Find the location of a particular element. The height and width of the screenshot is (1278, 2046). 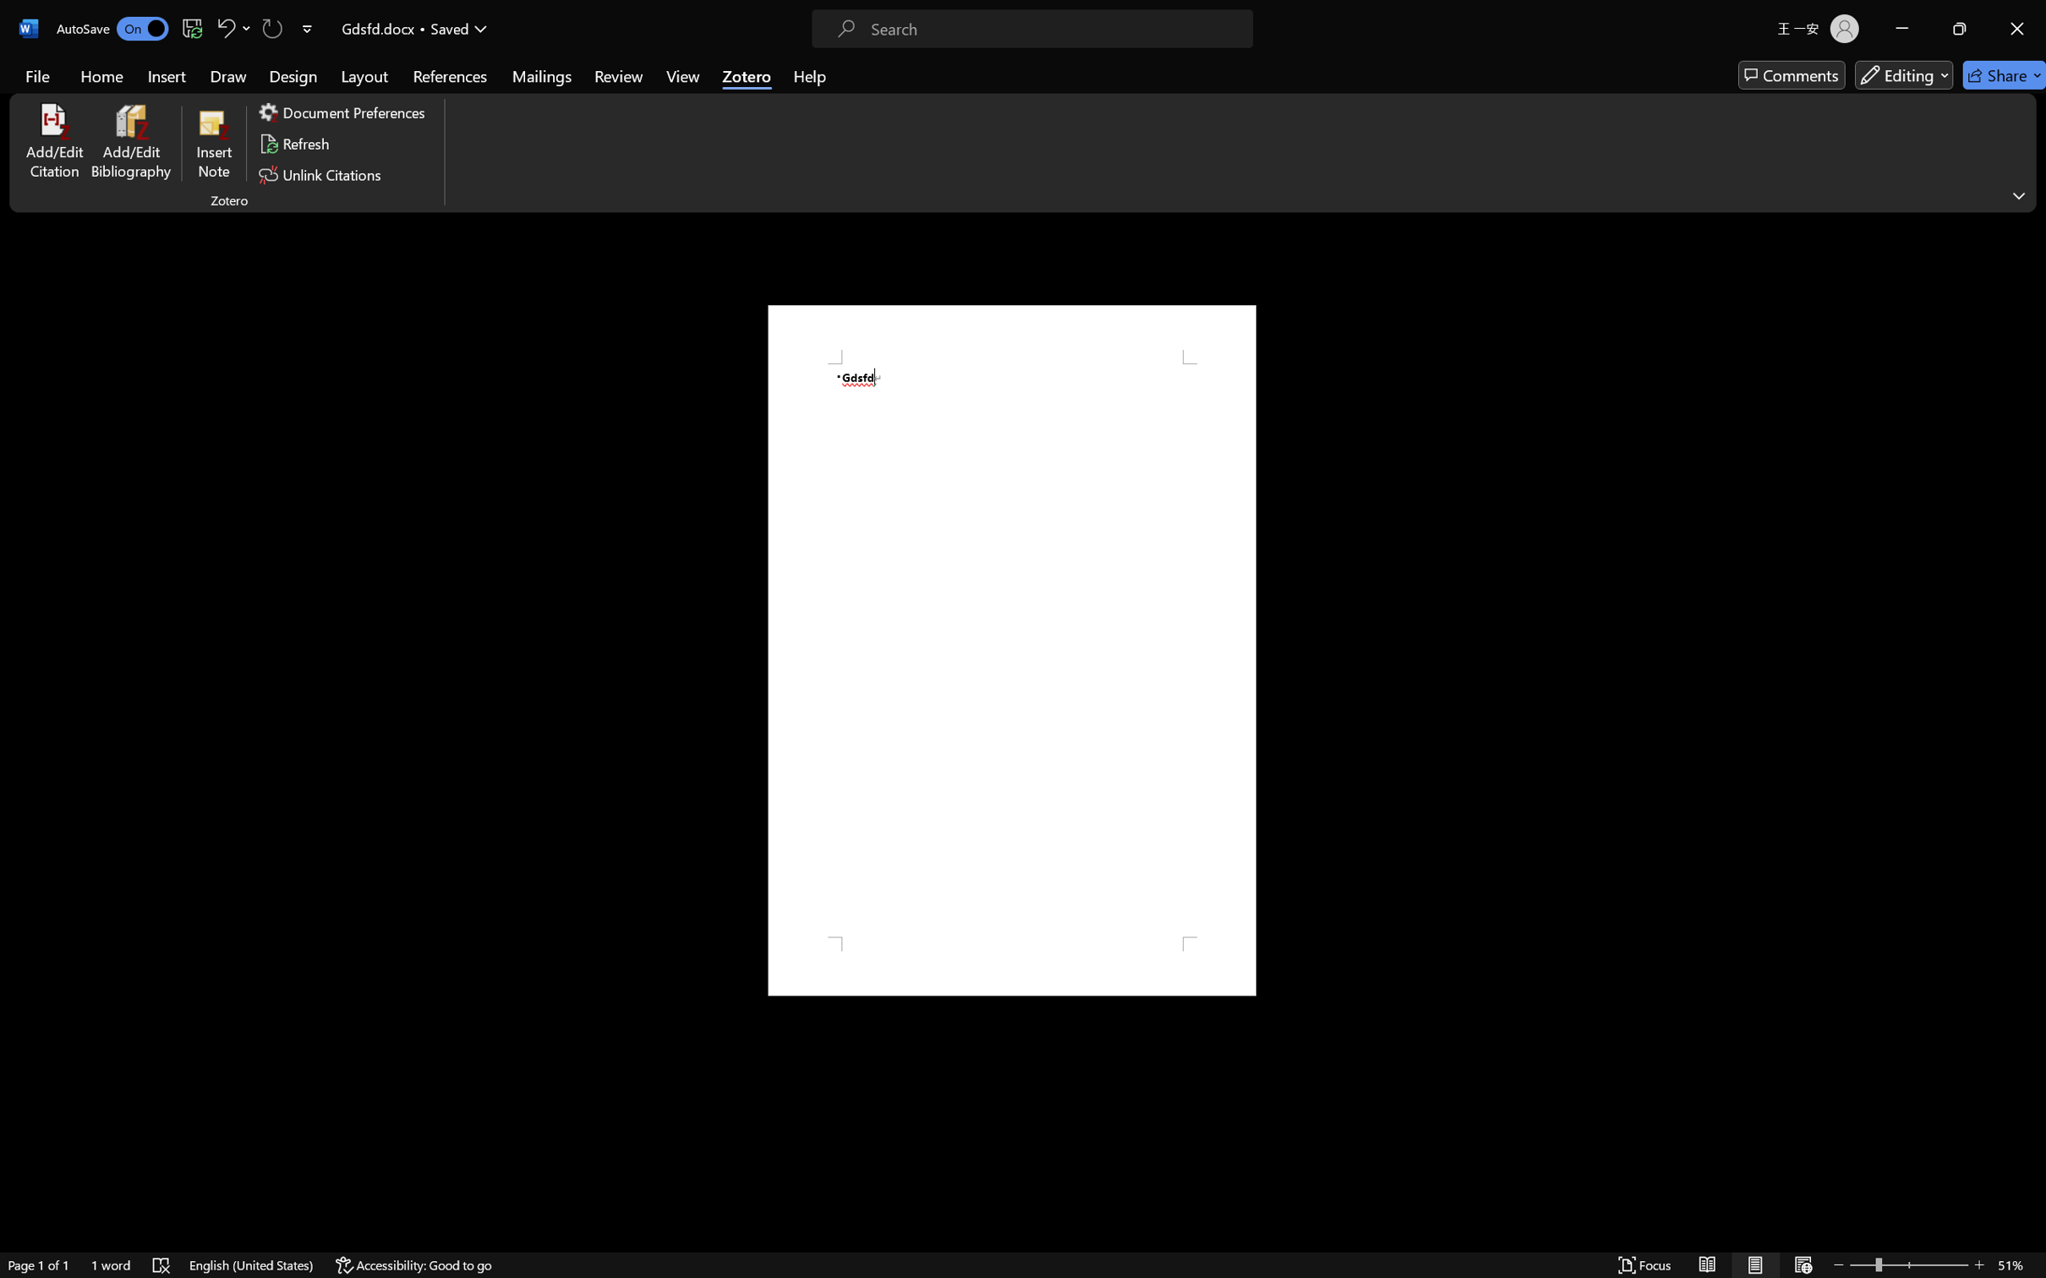

'Page 1 content' is located at coordinates (1011, 650).